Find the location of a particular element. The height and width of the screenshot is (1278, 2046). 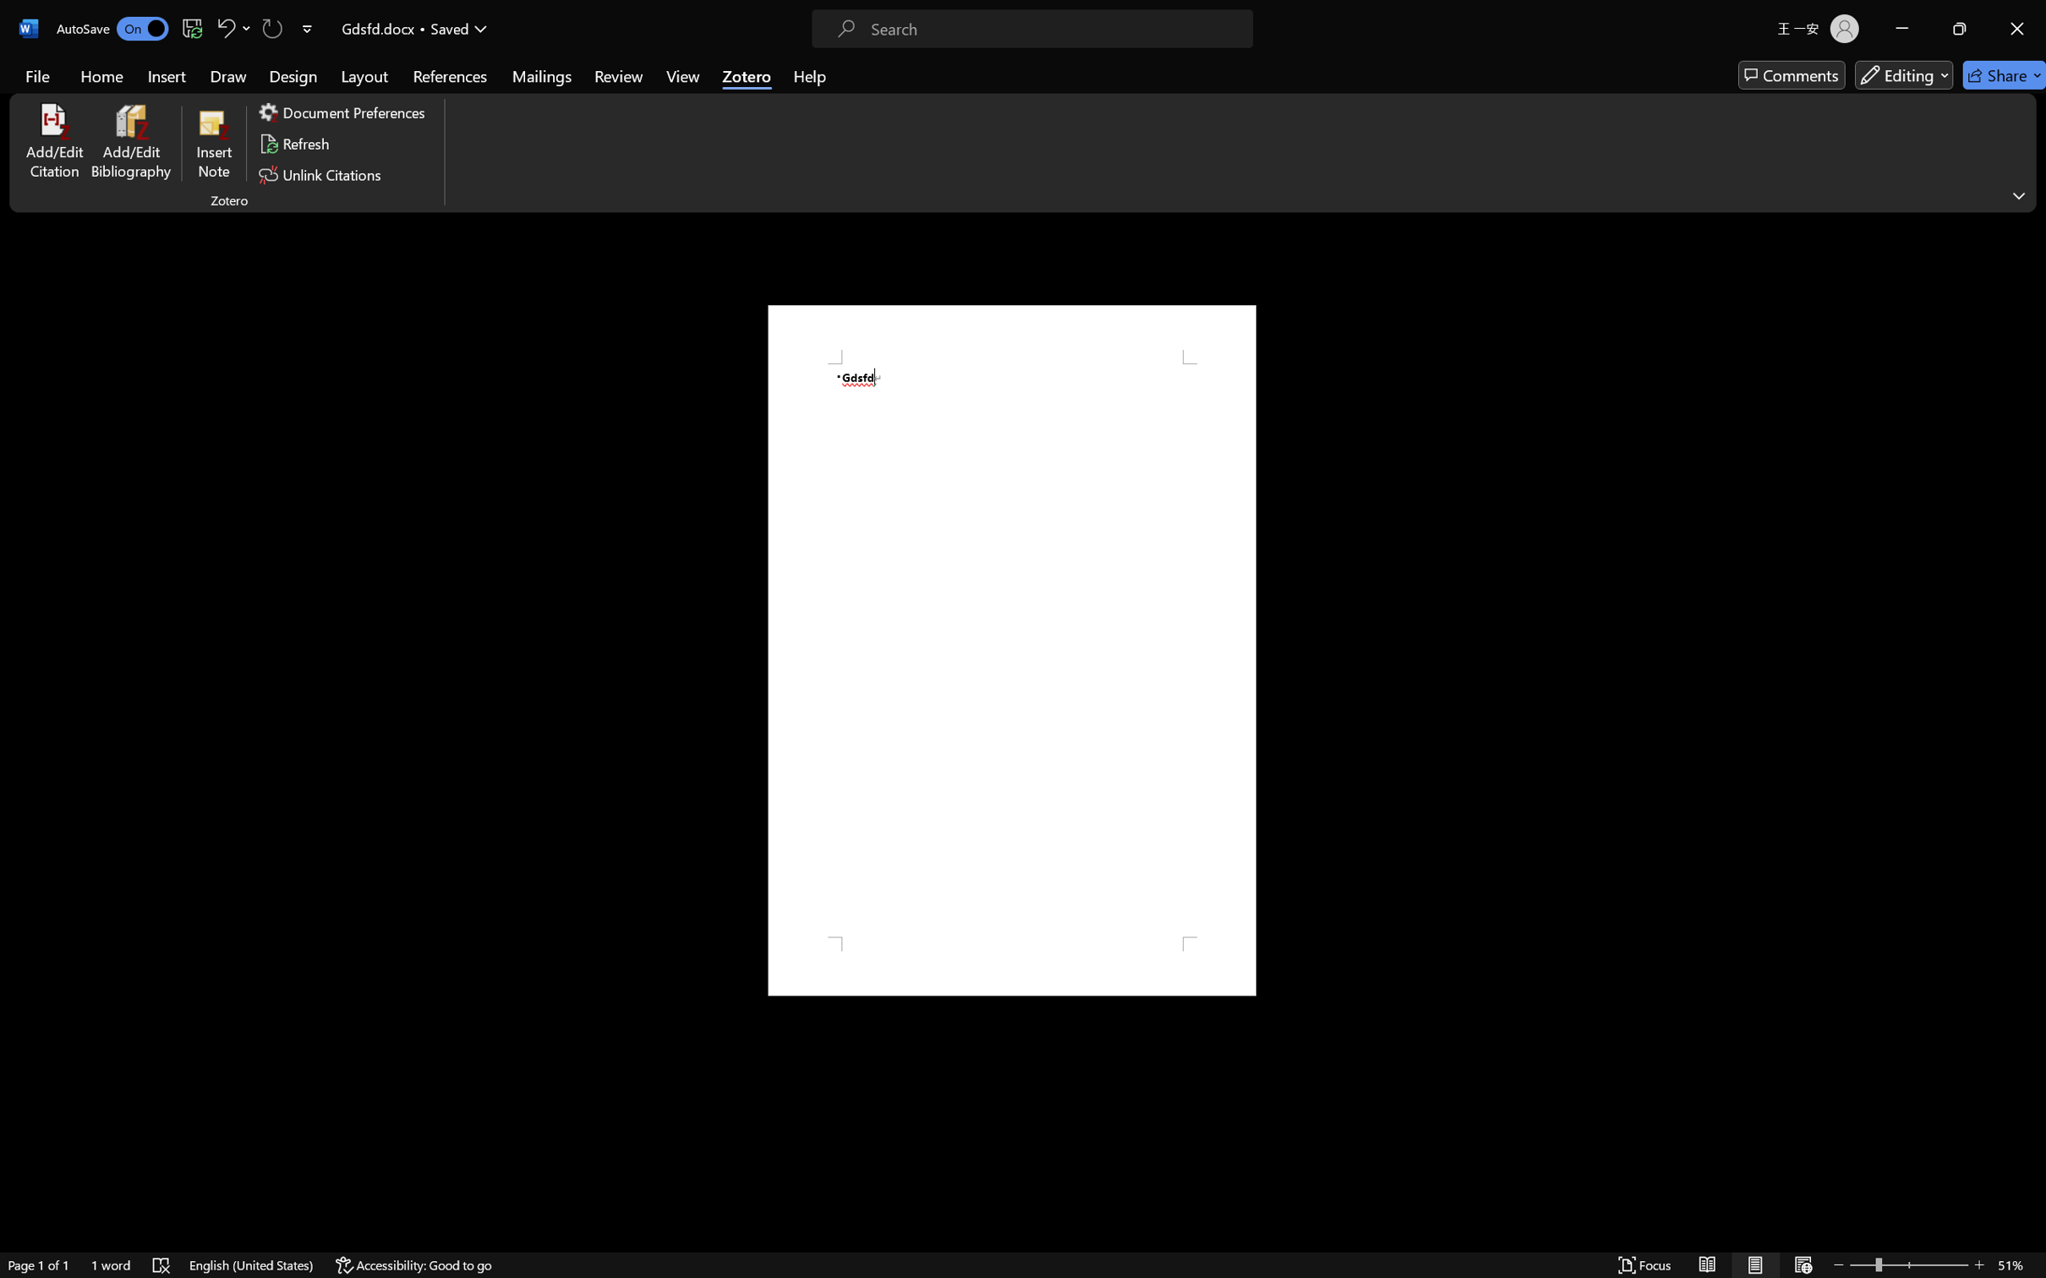

'Page 1 content' is located at coordinates (1011, 650).